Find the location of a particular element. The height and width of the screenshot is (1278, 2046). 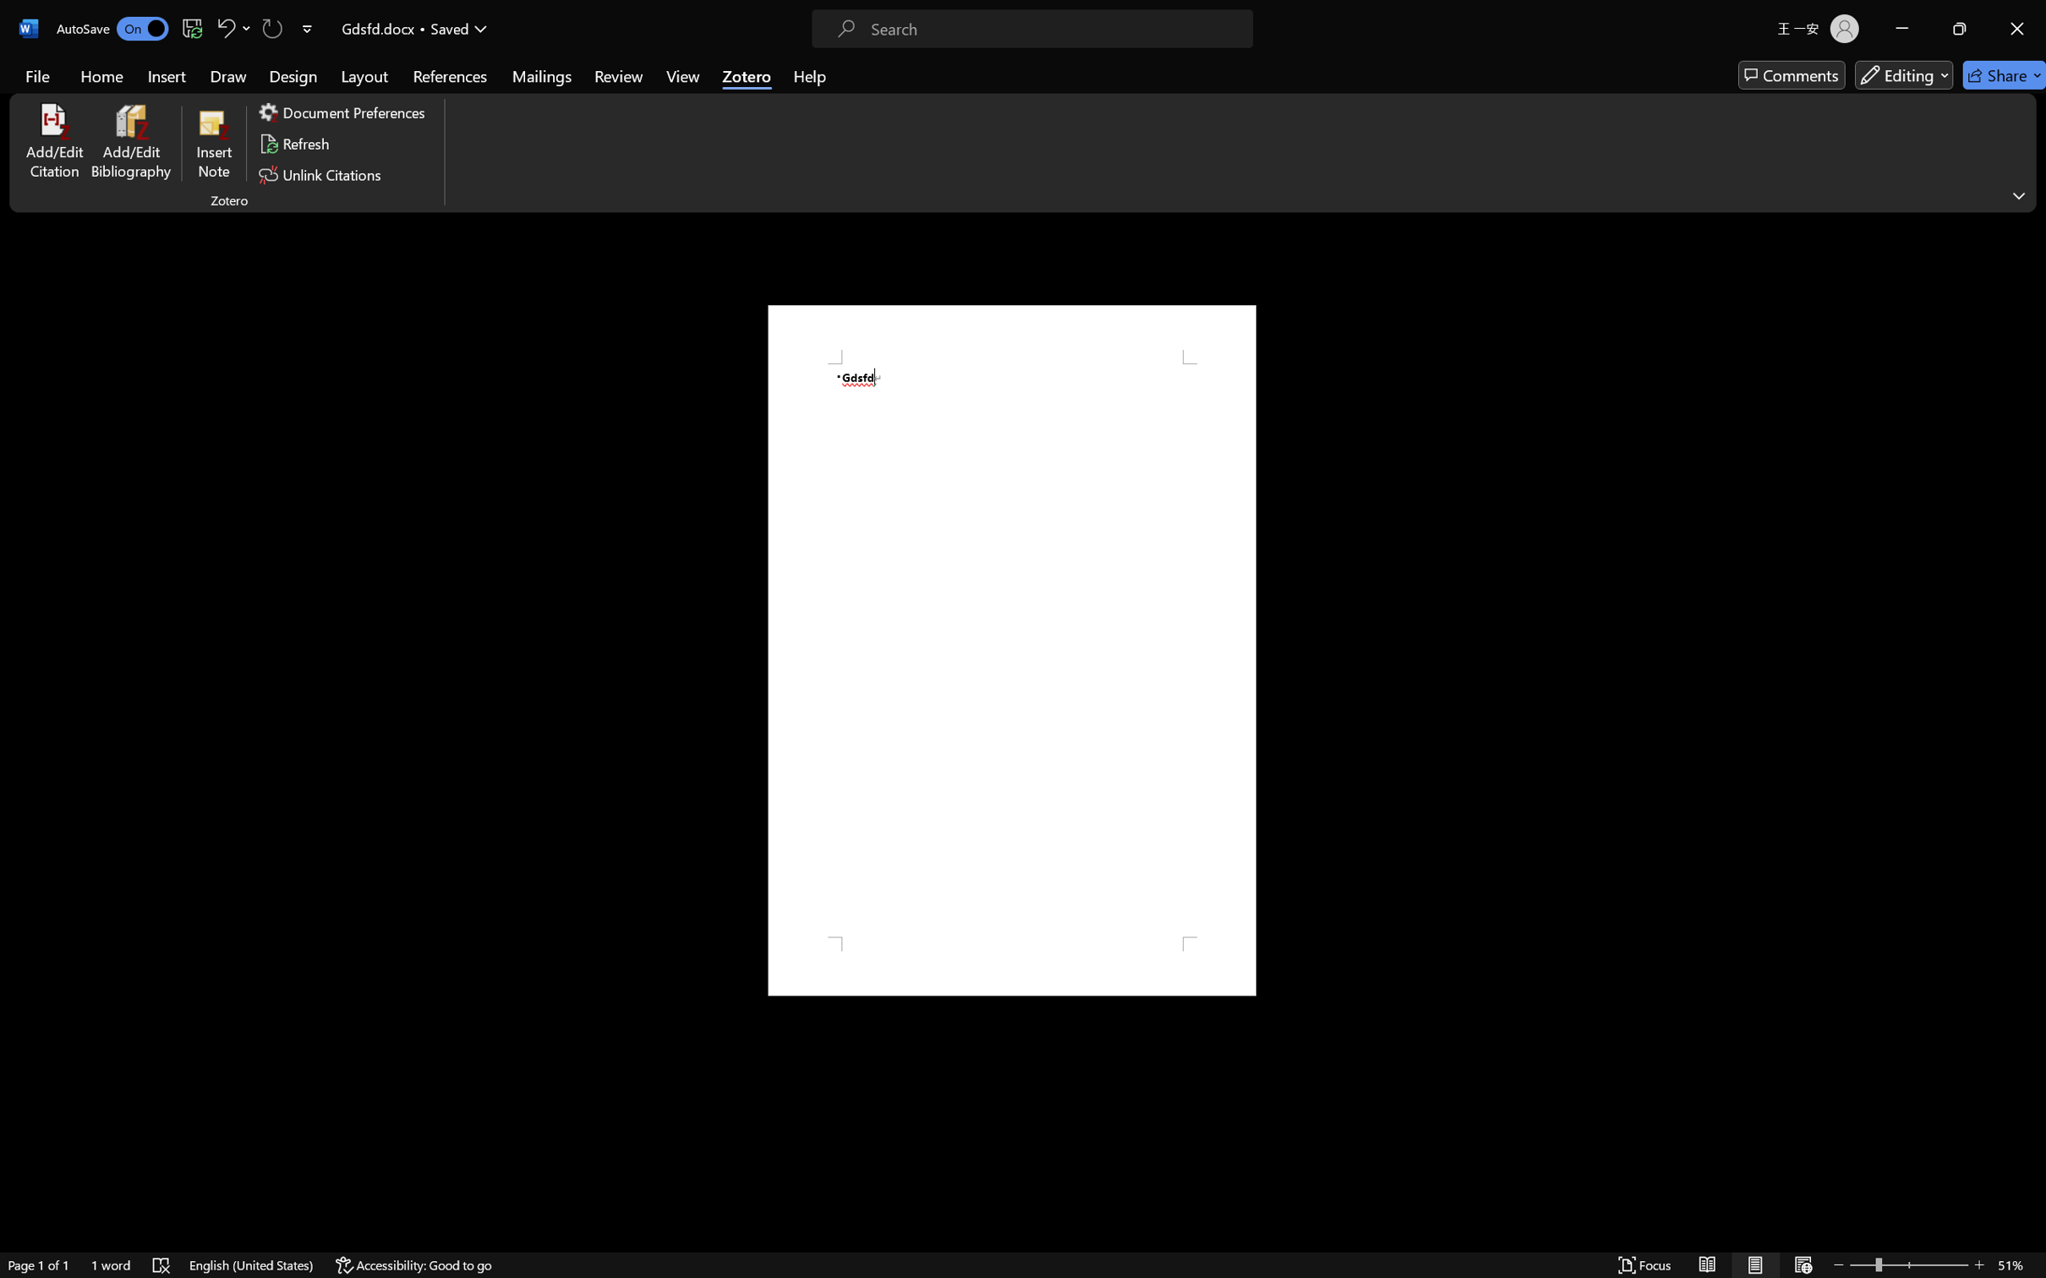

'Page 1 content' is located at coordinates (1011, 650).